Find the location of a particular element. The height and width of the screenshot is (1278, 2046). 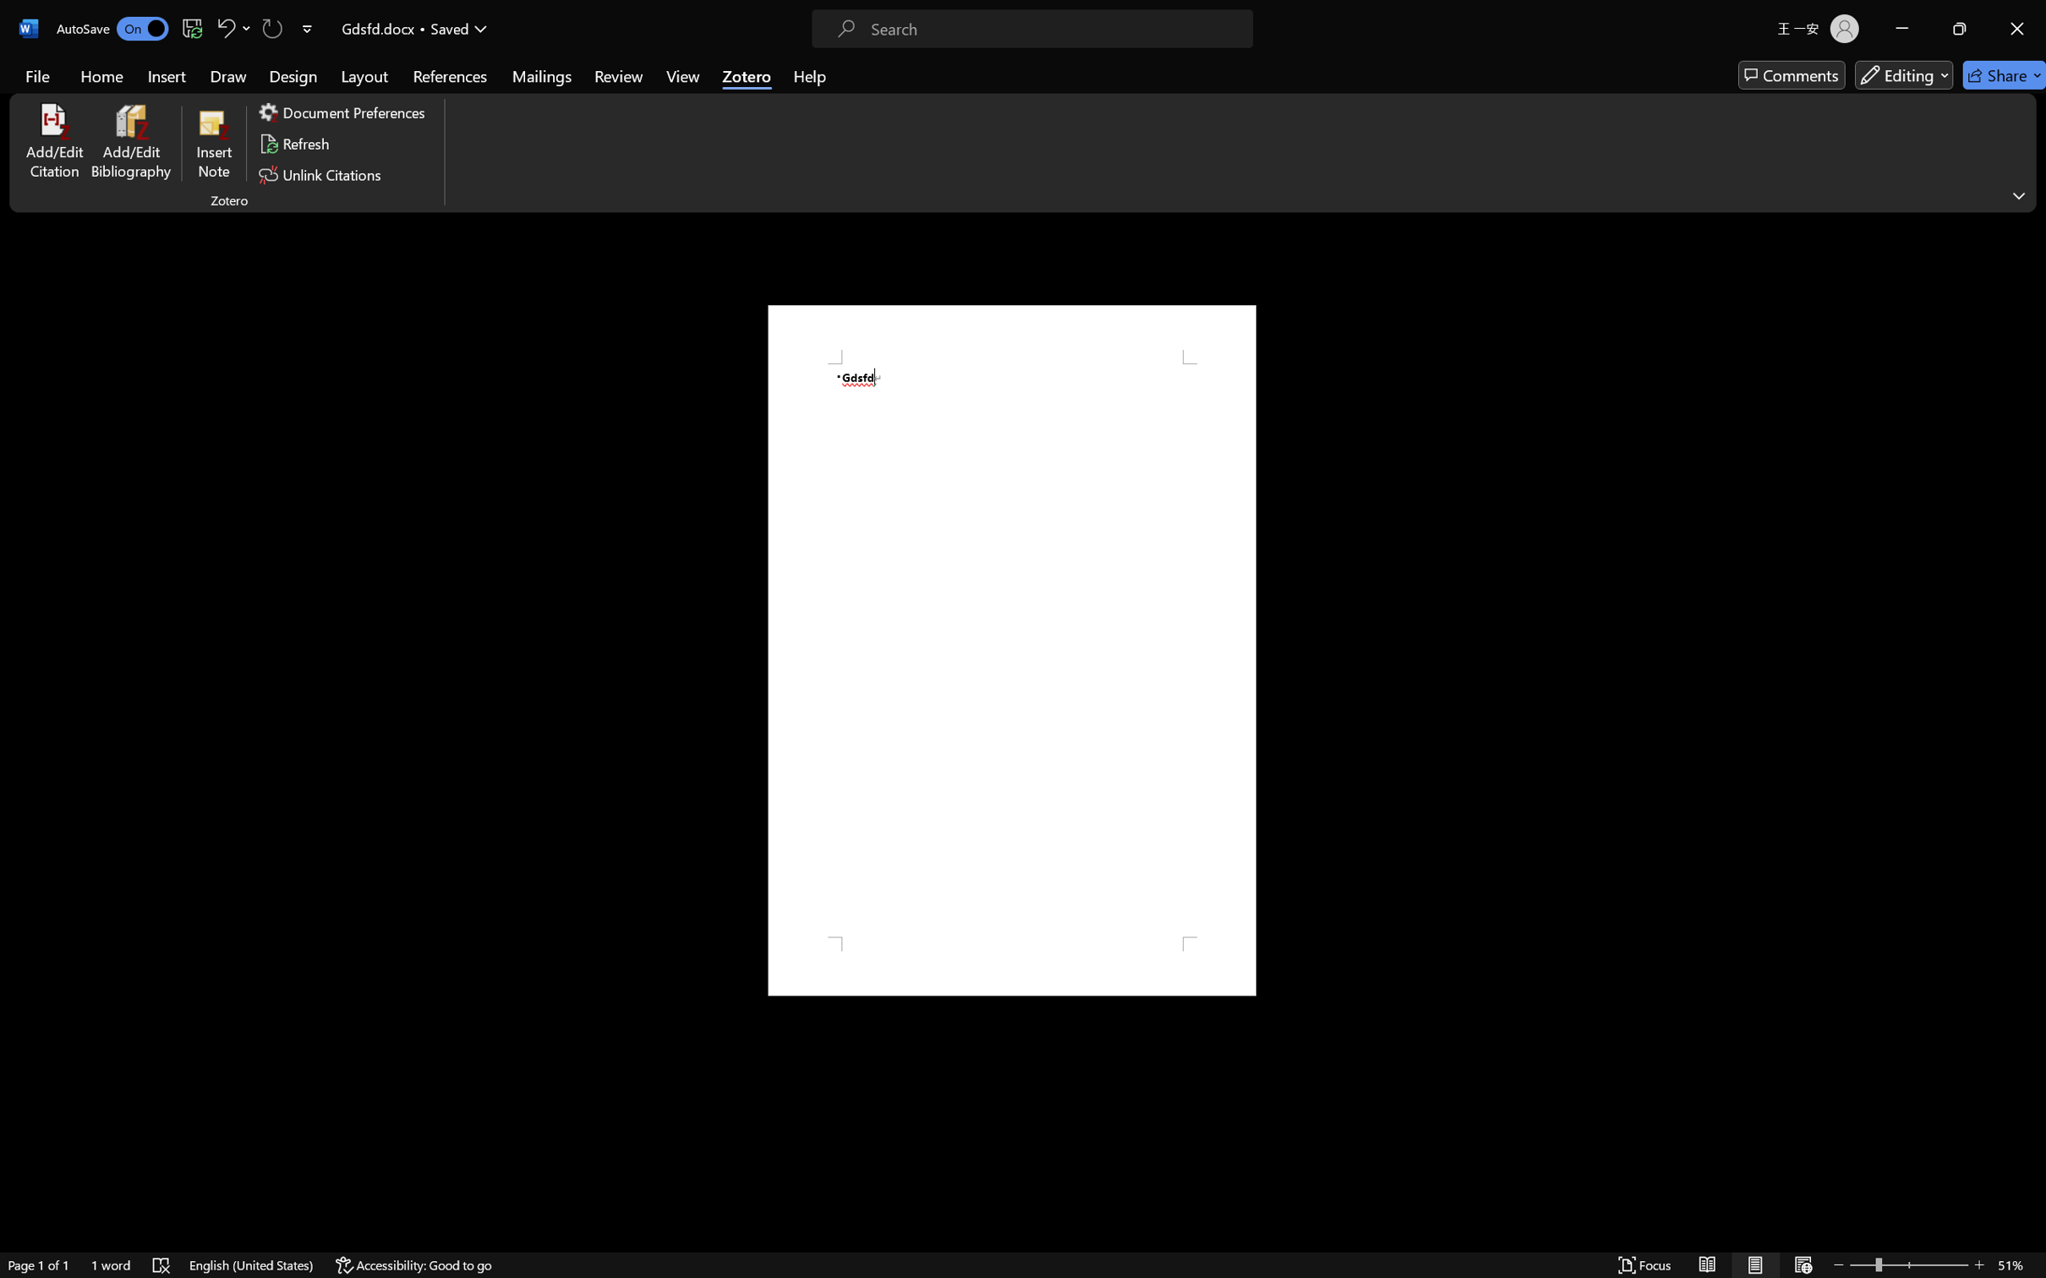

'Page 1 content' is located at coordinates (1011, 650).